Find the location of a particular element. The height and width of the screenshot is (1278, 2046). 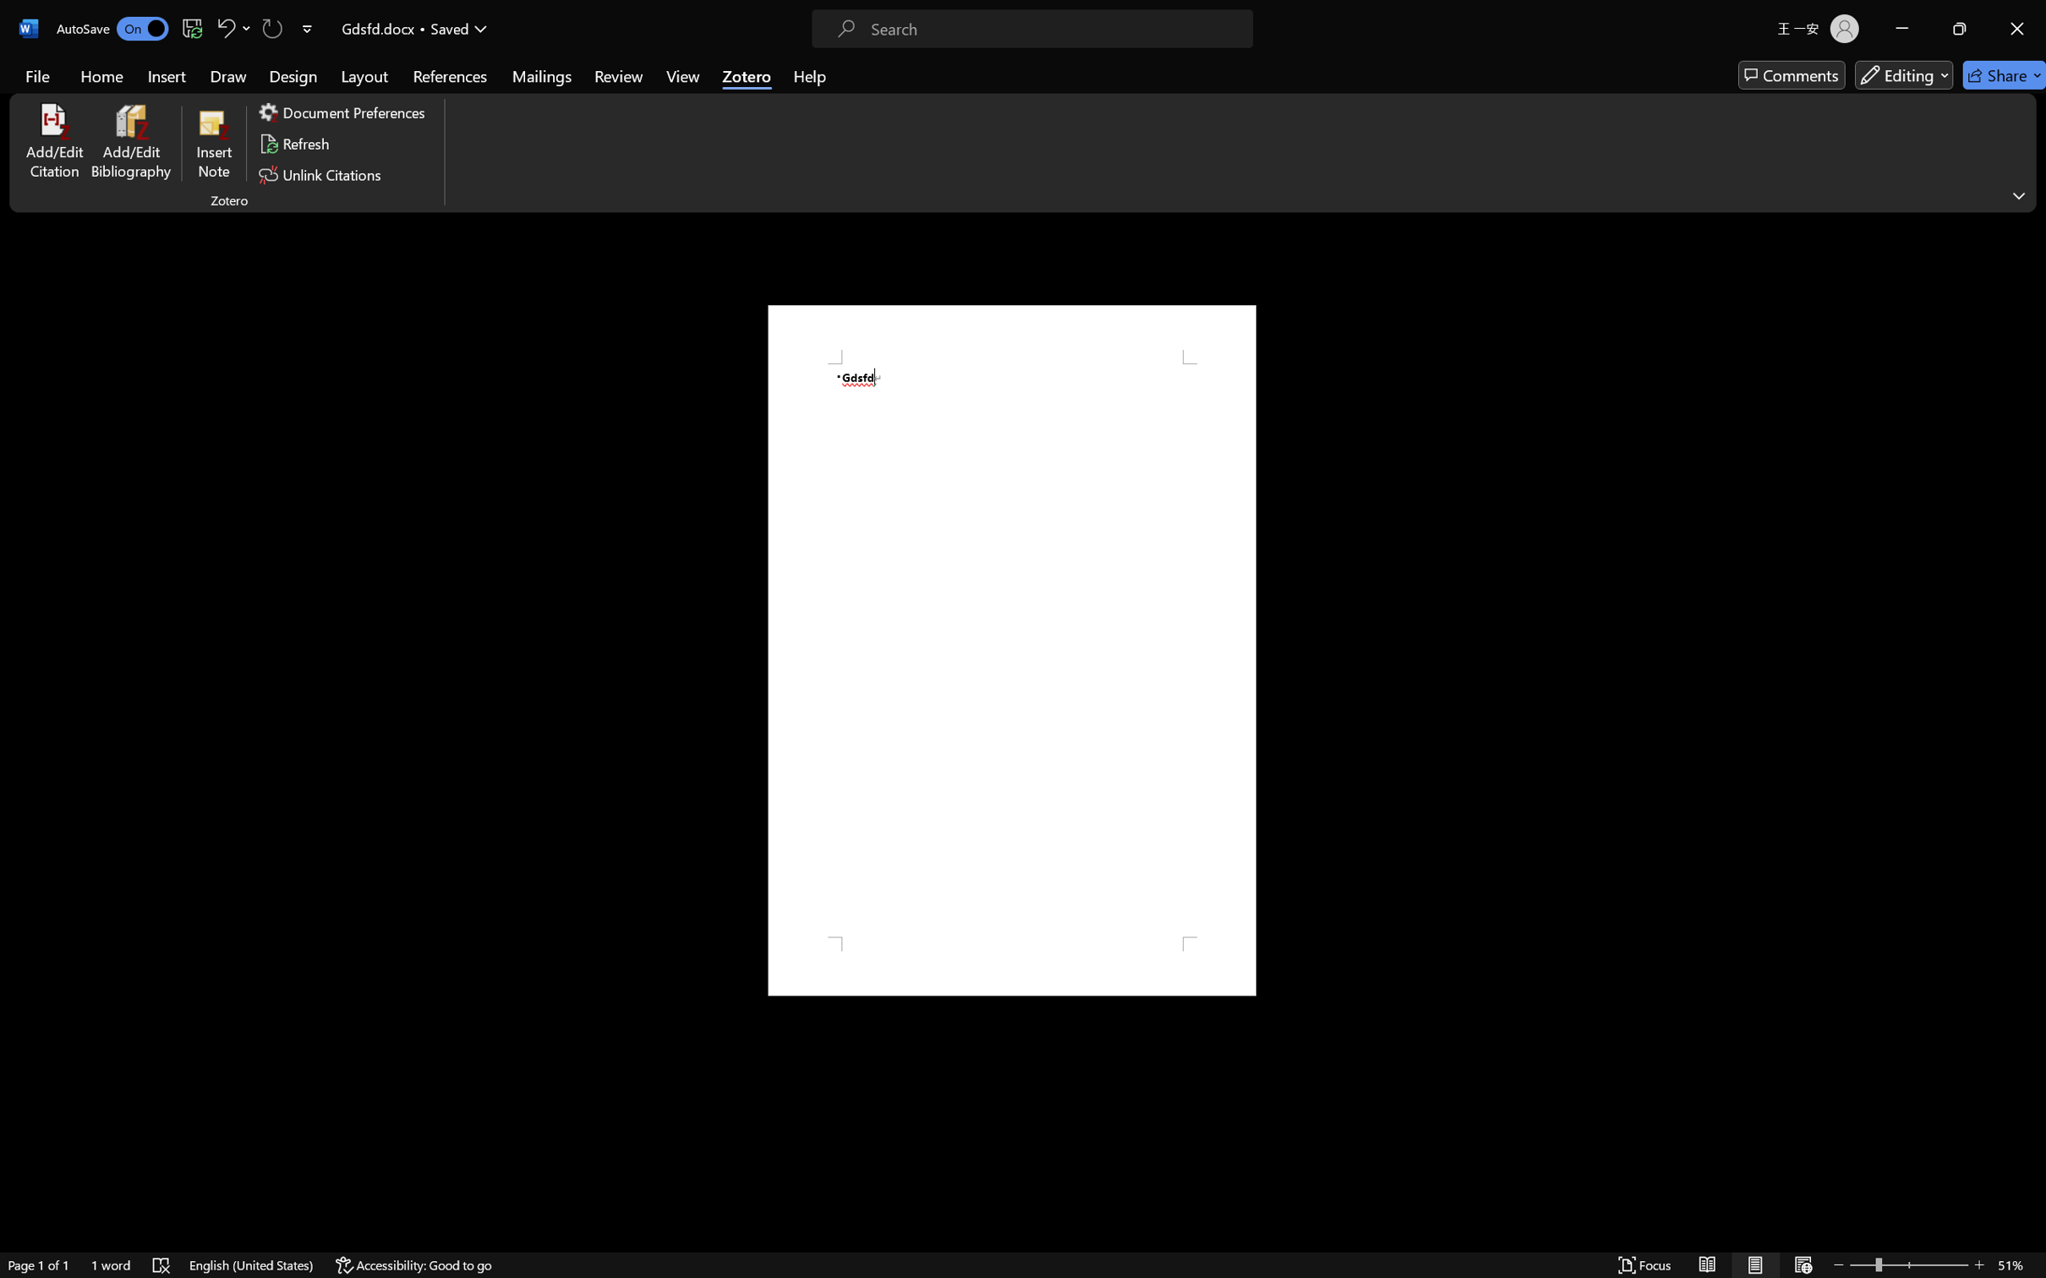

'Page 1 content' is located at coordinates (1011, 650).